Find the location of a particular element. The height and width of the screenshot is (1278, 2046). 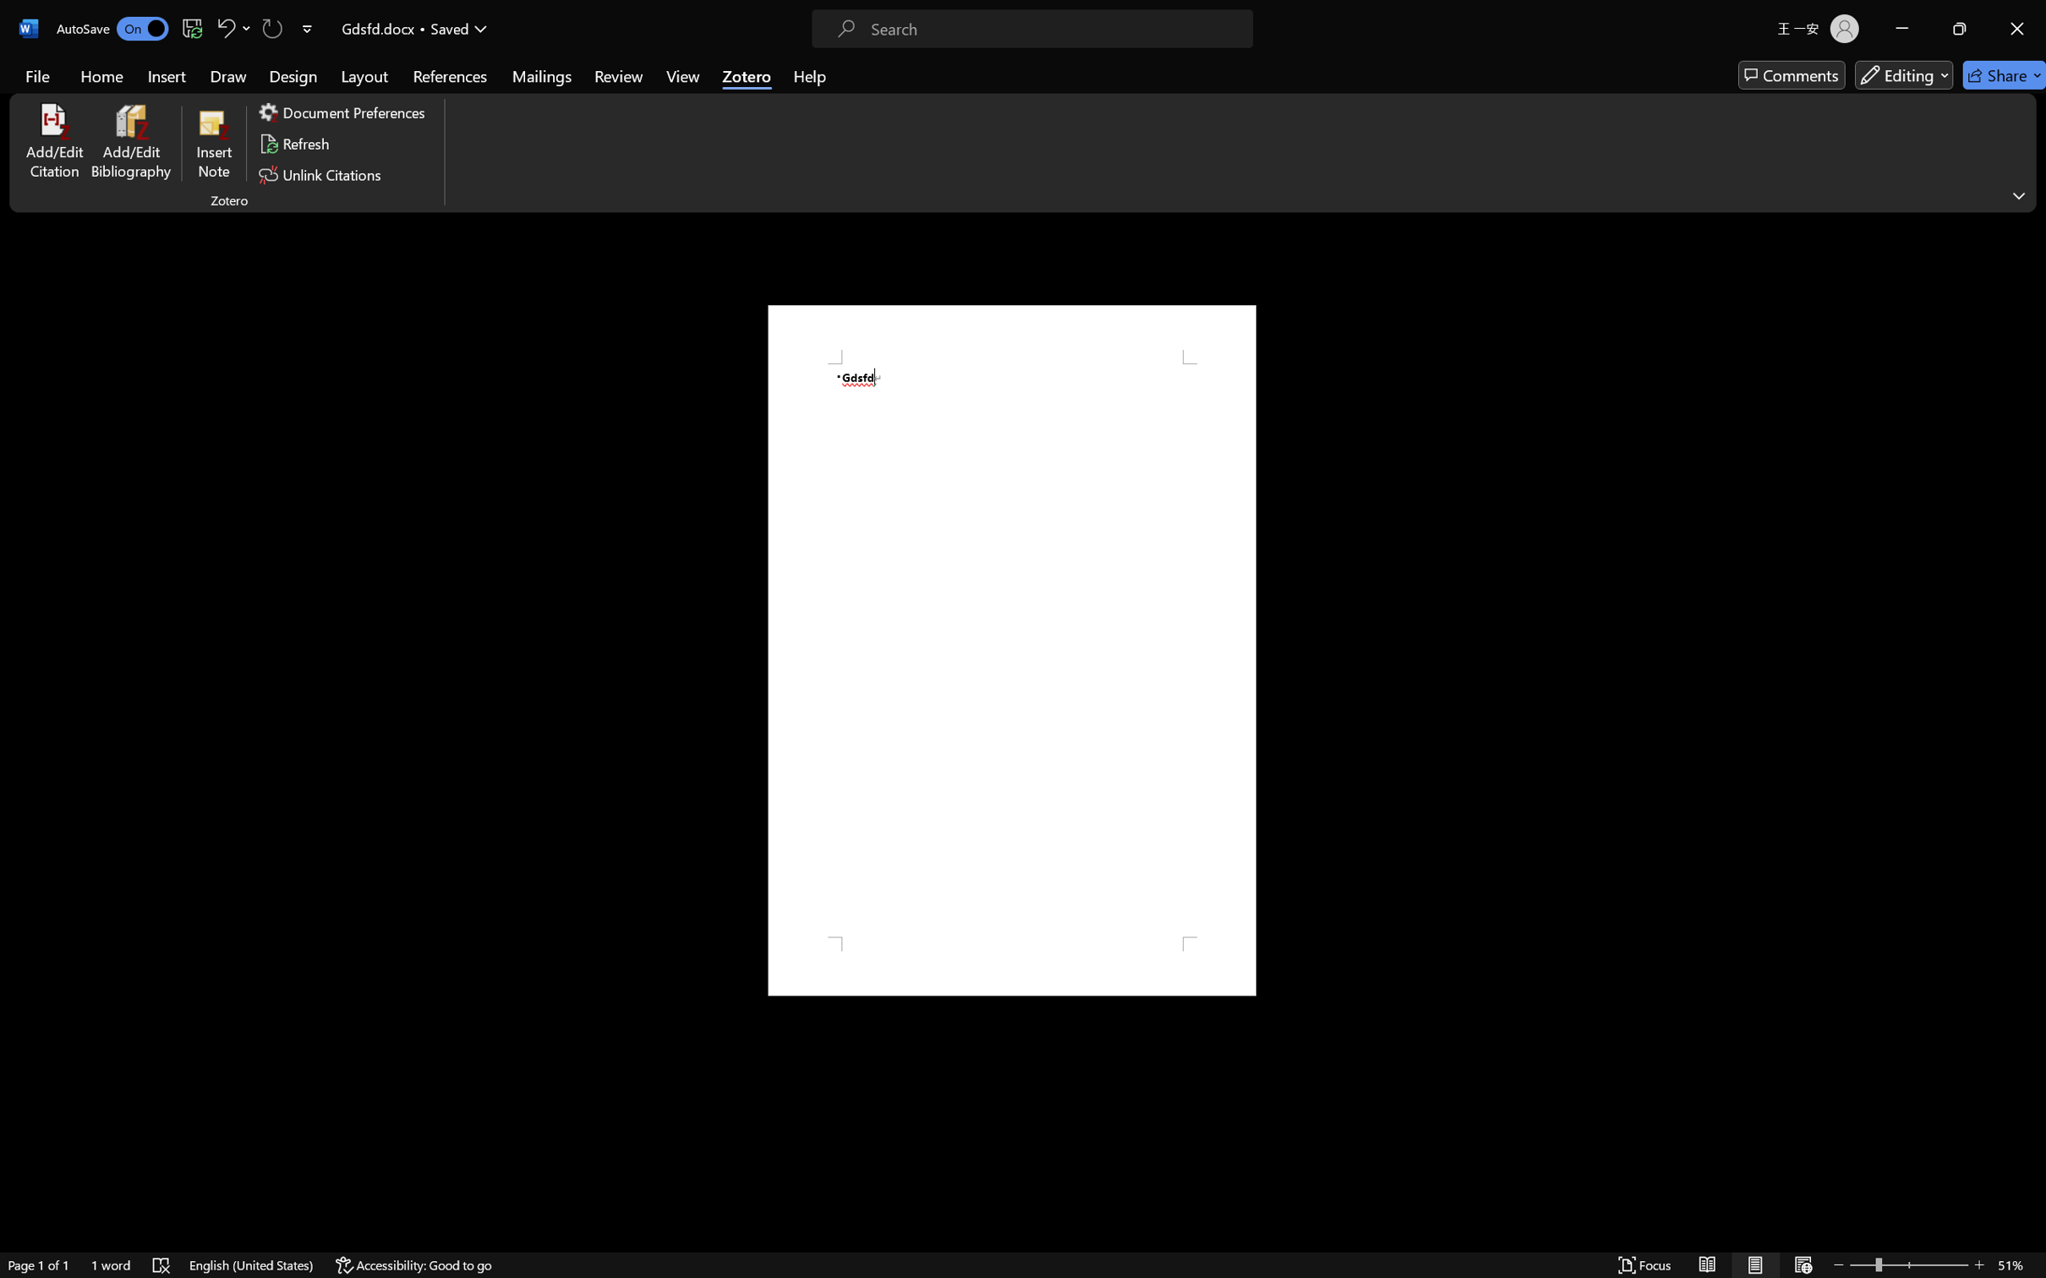

'Page 1 content' is located at coordinates (1011, 650).